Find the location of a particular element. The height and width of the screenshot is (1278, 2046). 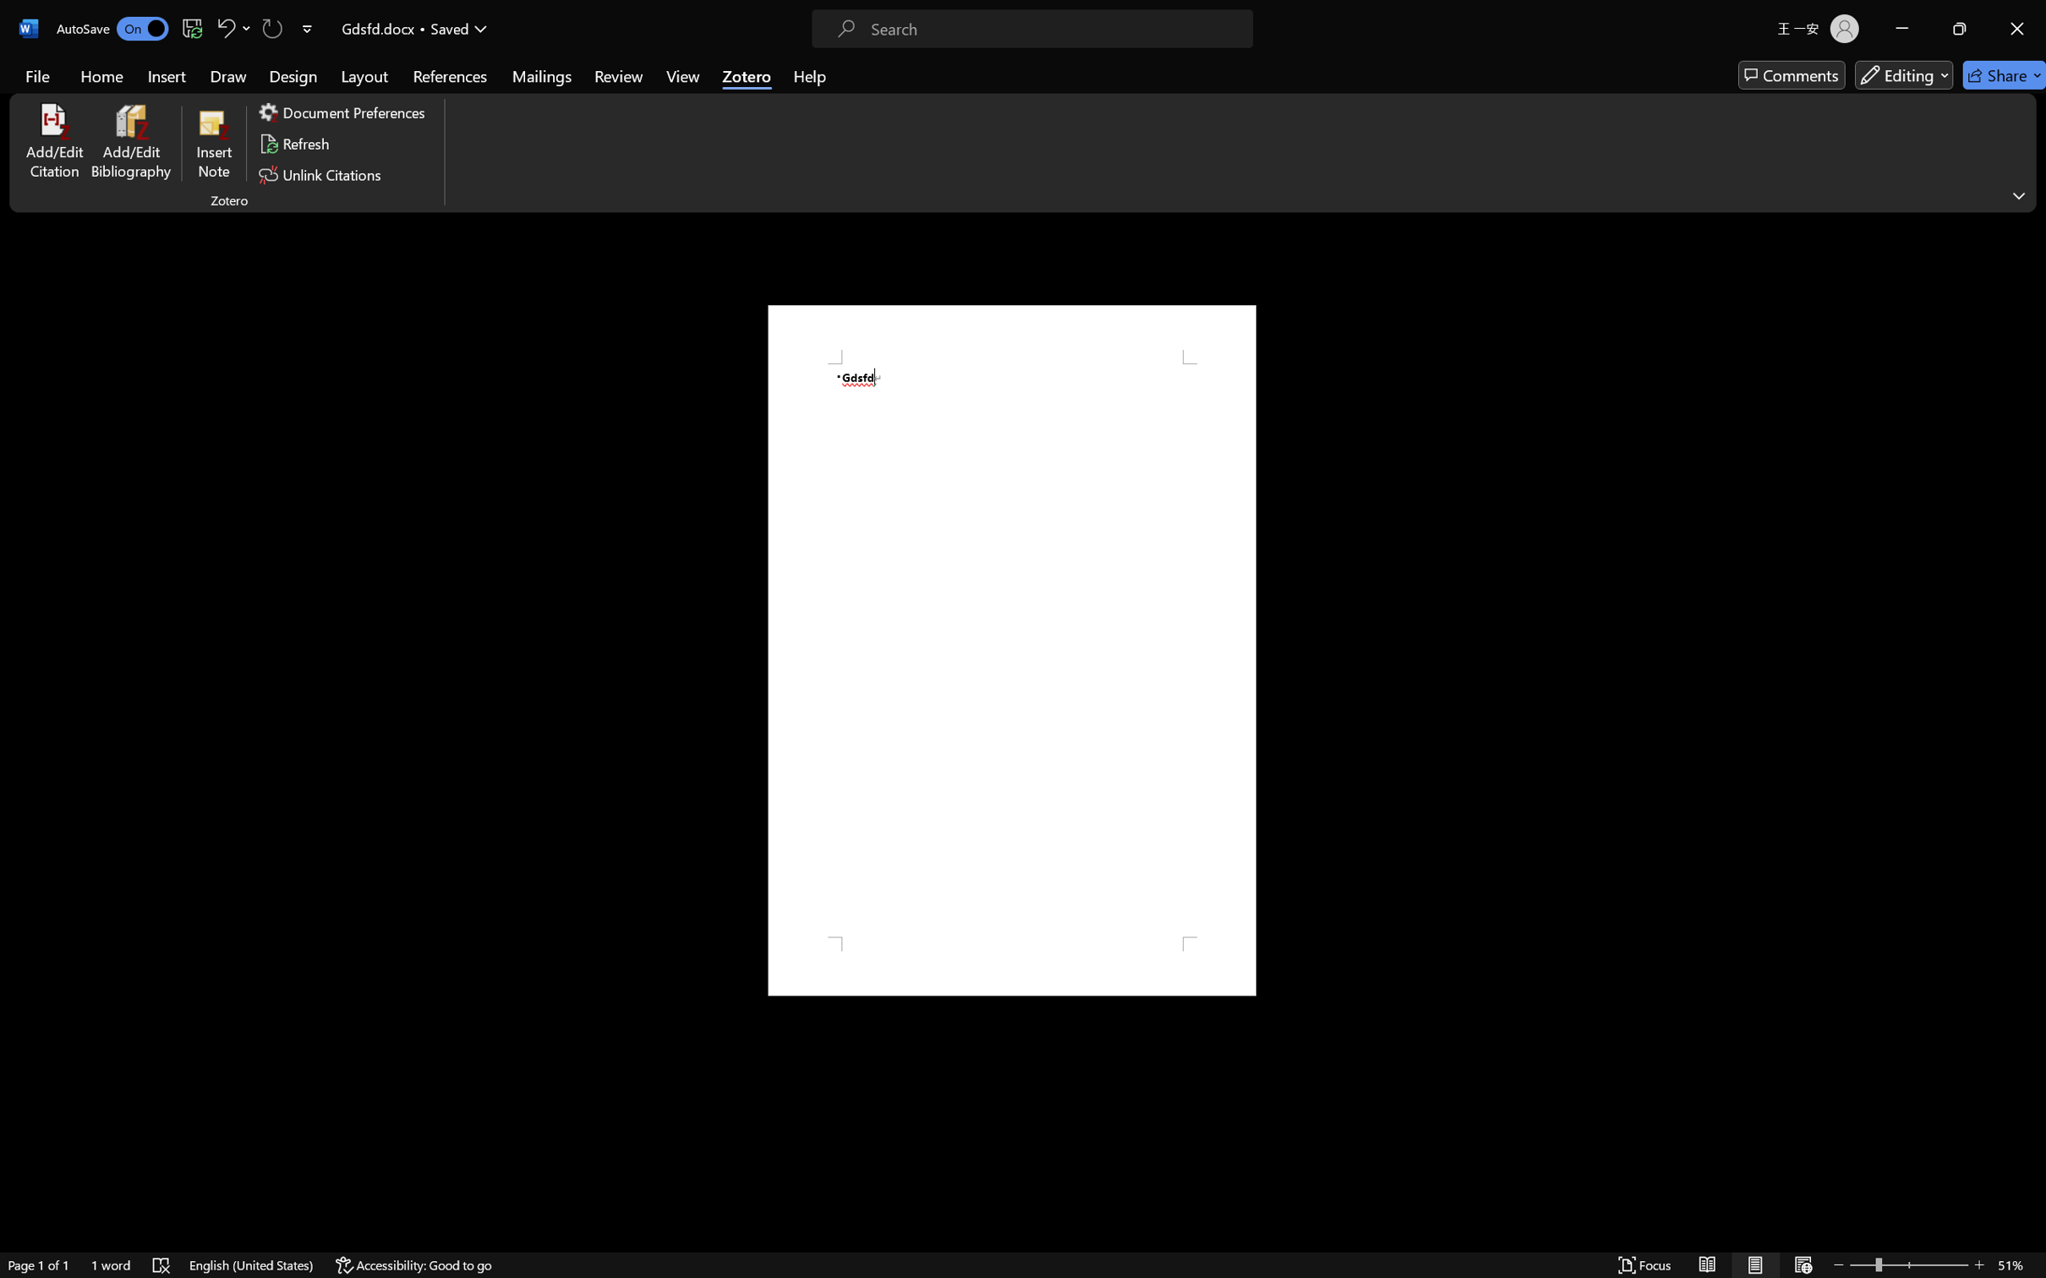

'Page 1 content' is located at coordinates (1011, 650).